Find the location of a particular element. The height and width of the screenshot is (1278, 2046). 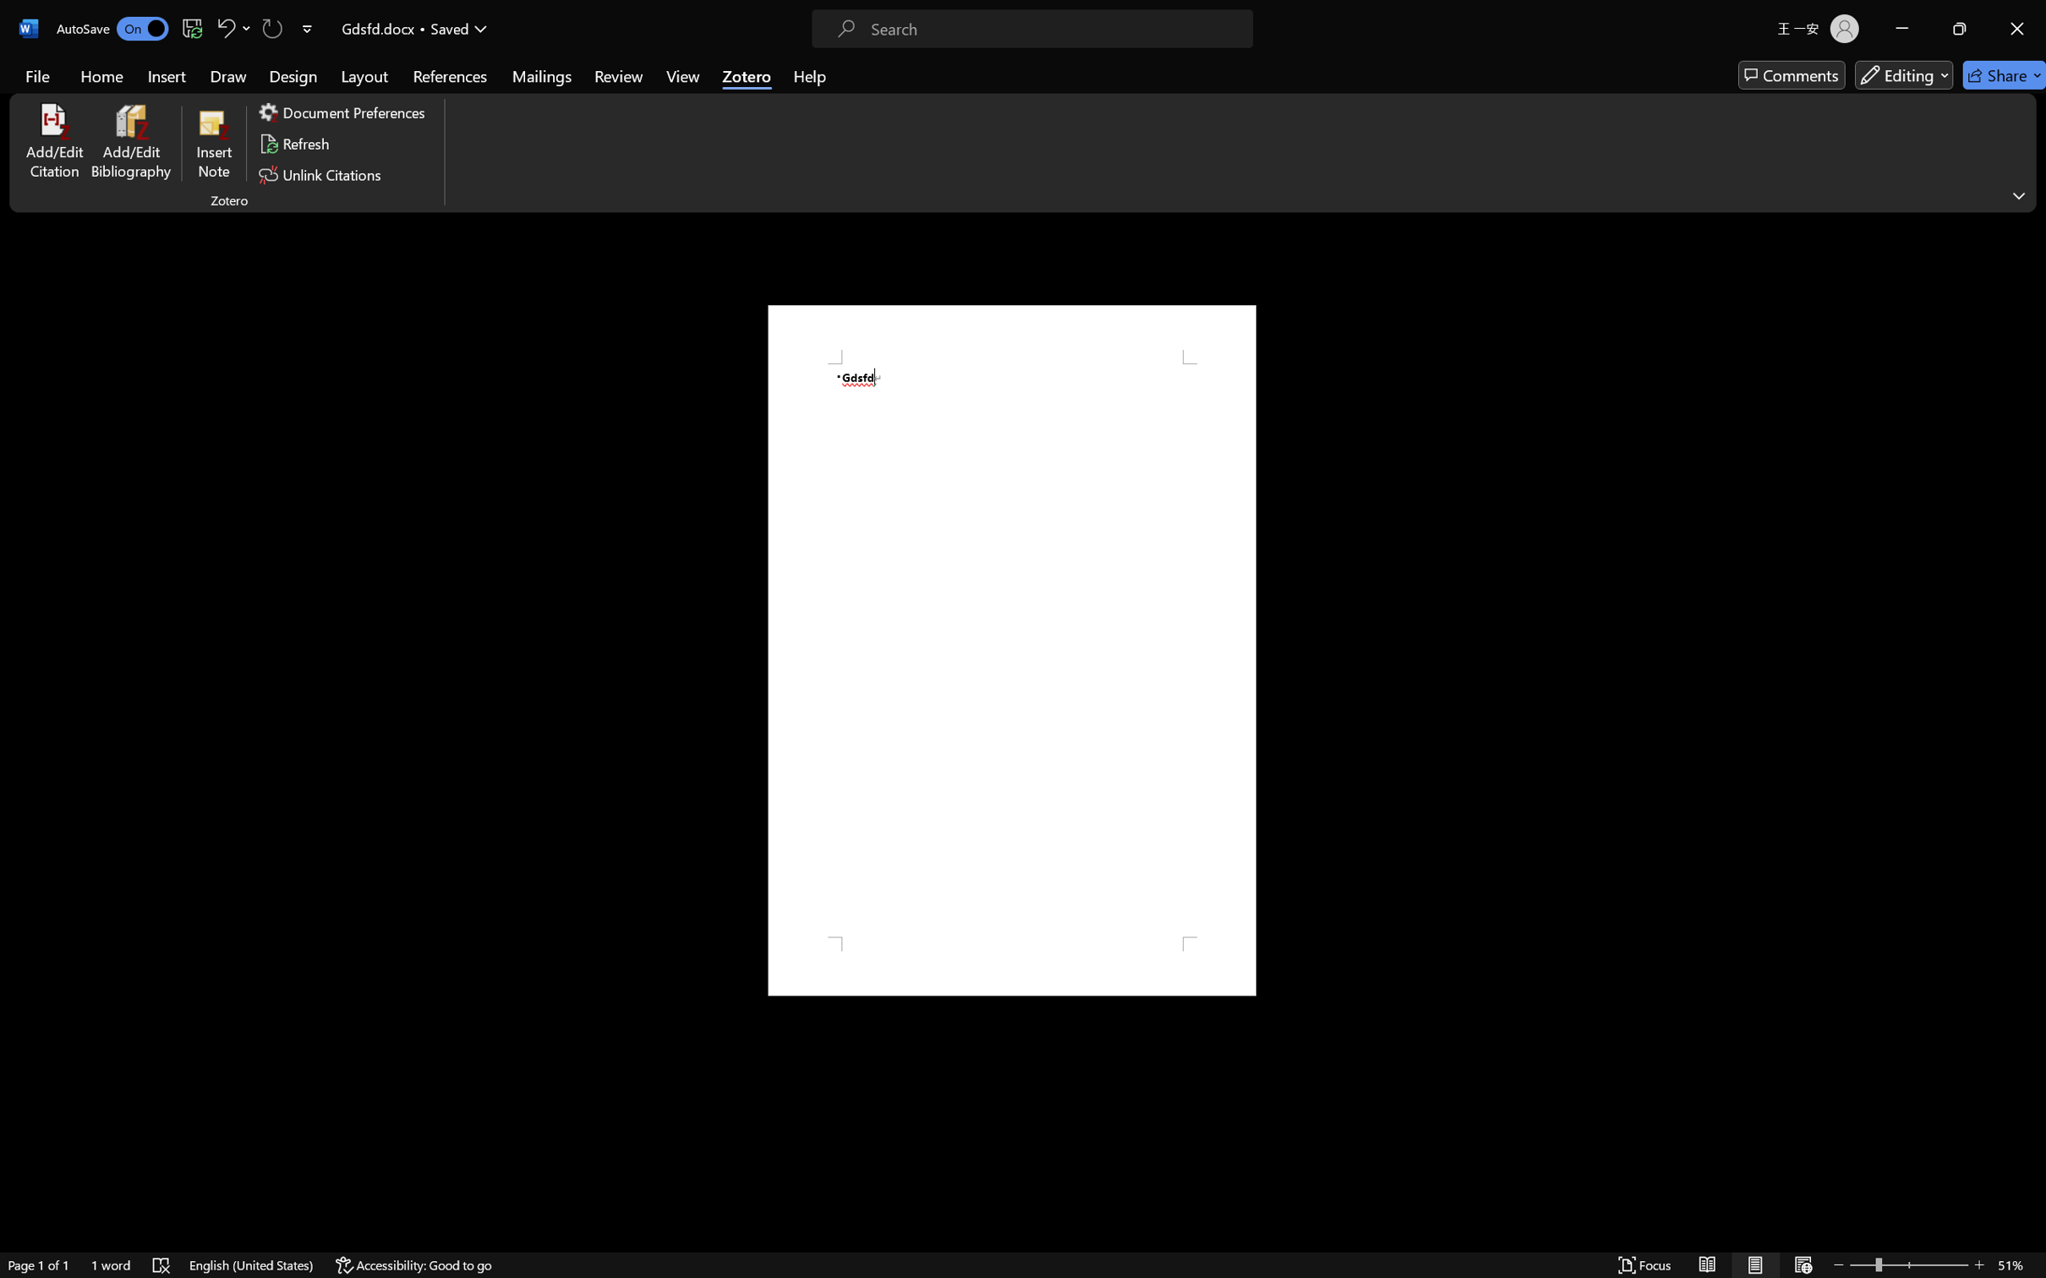

'Page 1 content' is located at coordinates (1011, 650).